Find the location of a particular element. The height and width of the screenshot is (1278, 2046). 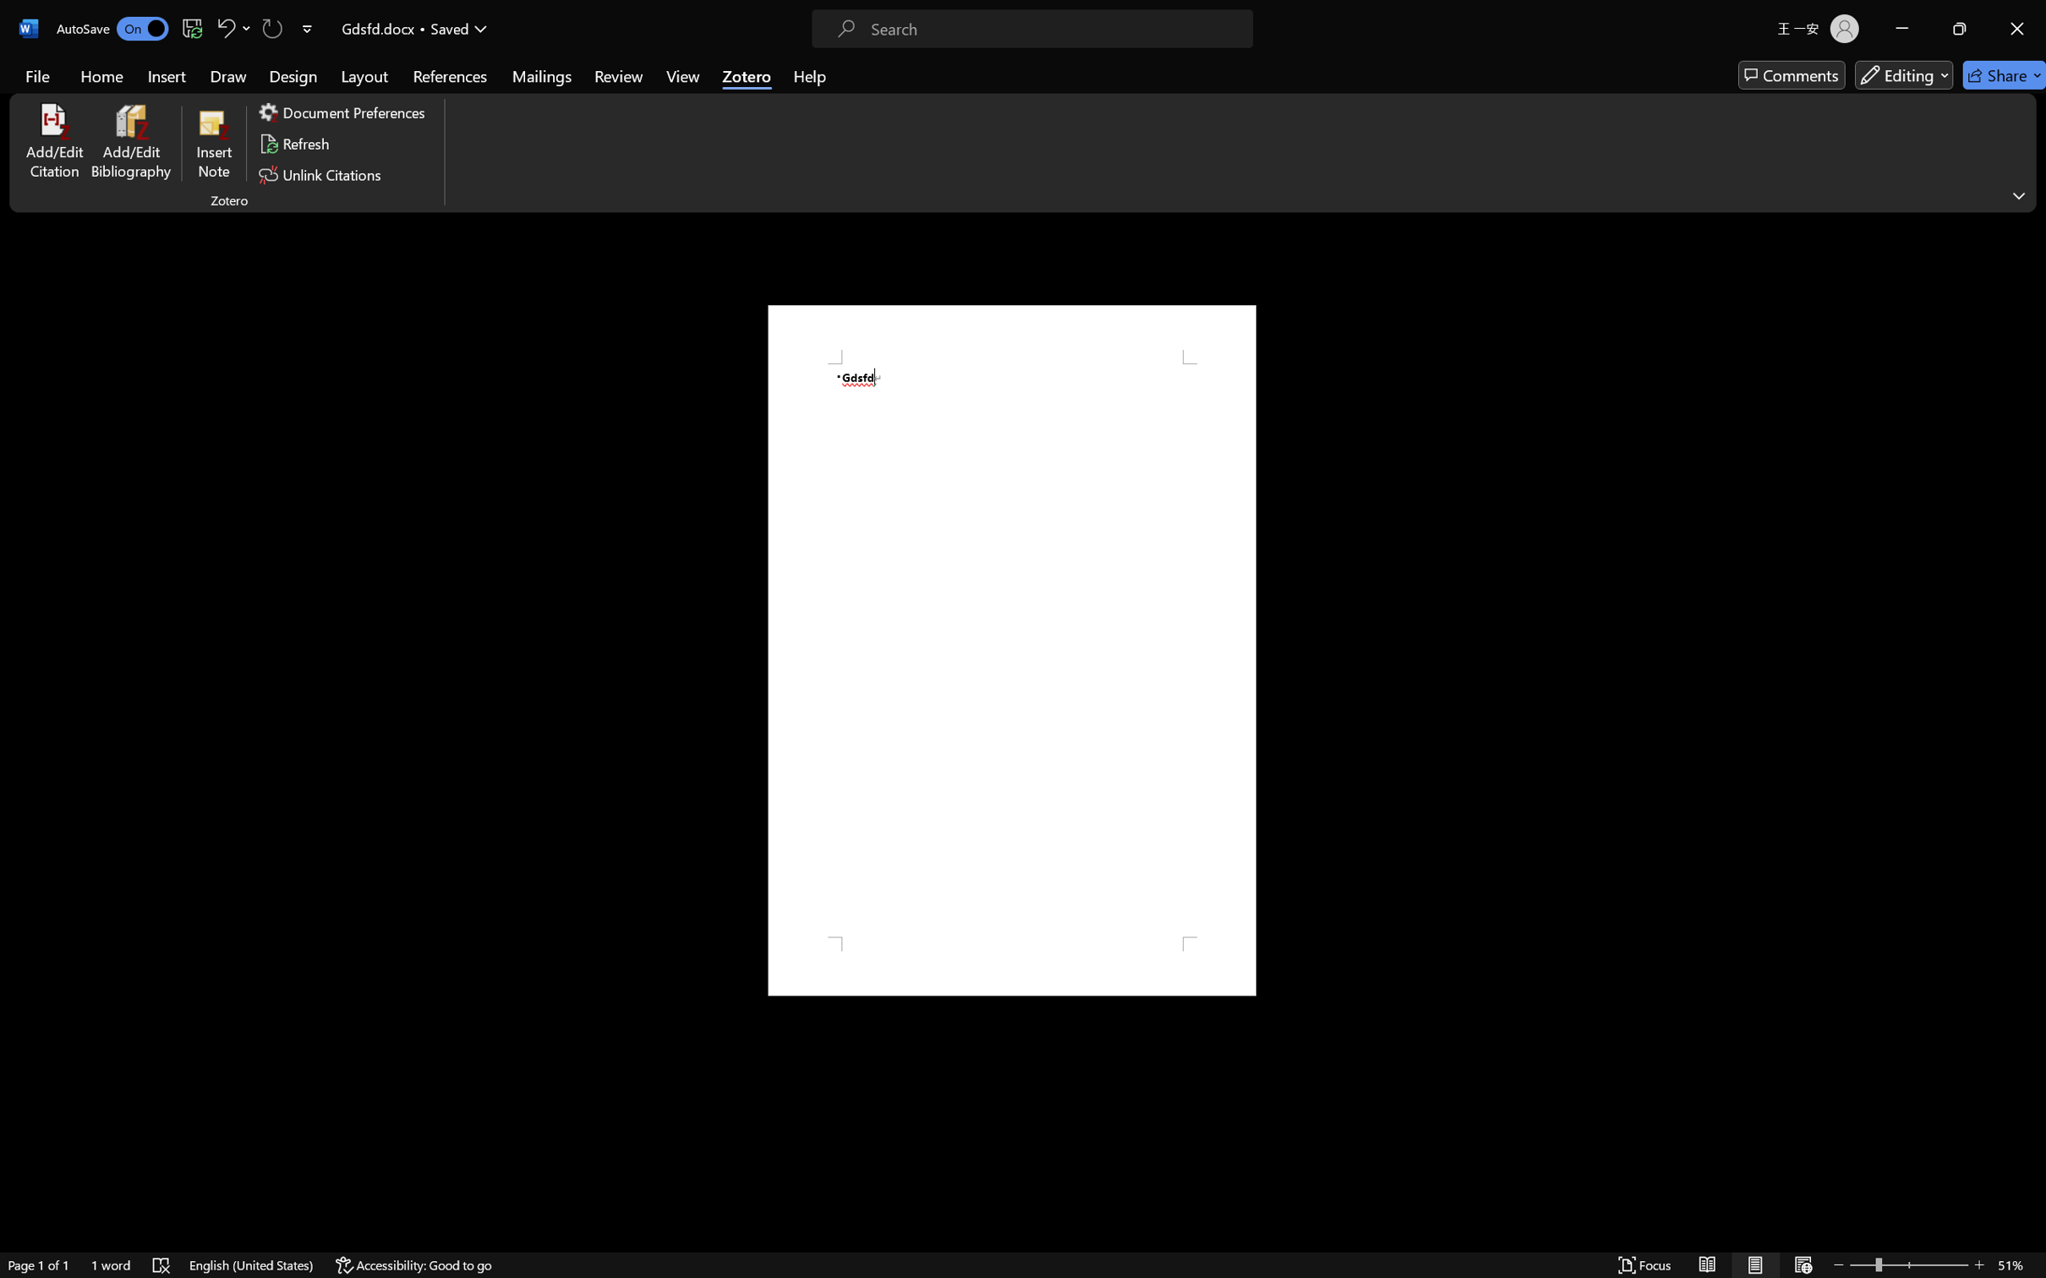

'Page 1 content' is located at coordinates (1011, 650).